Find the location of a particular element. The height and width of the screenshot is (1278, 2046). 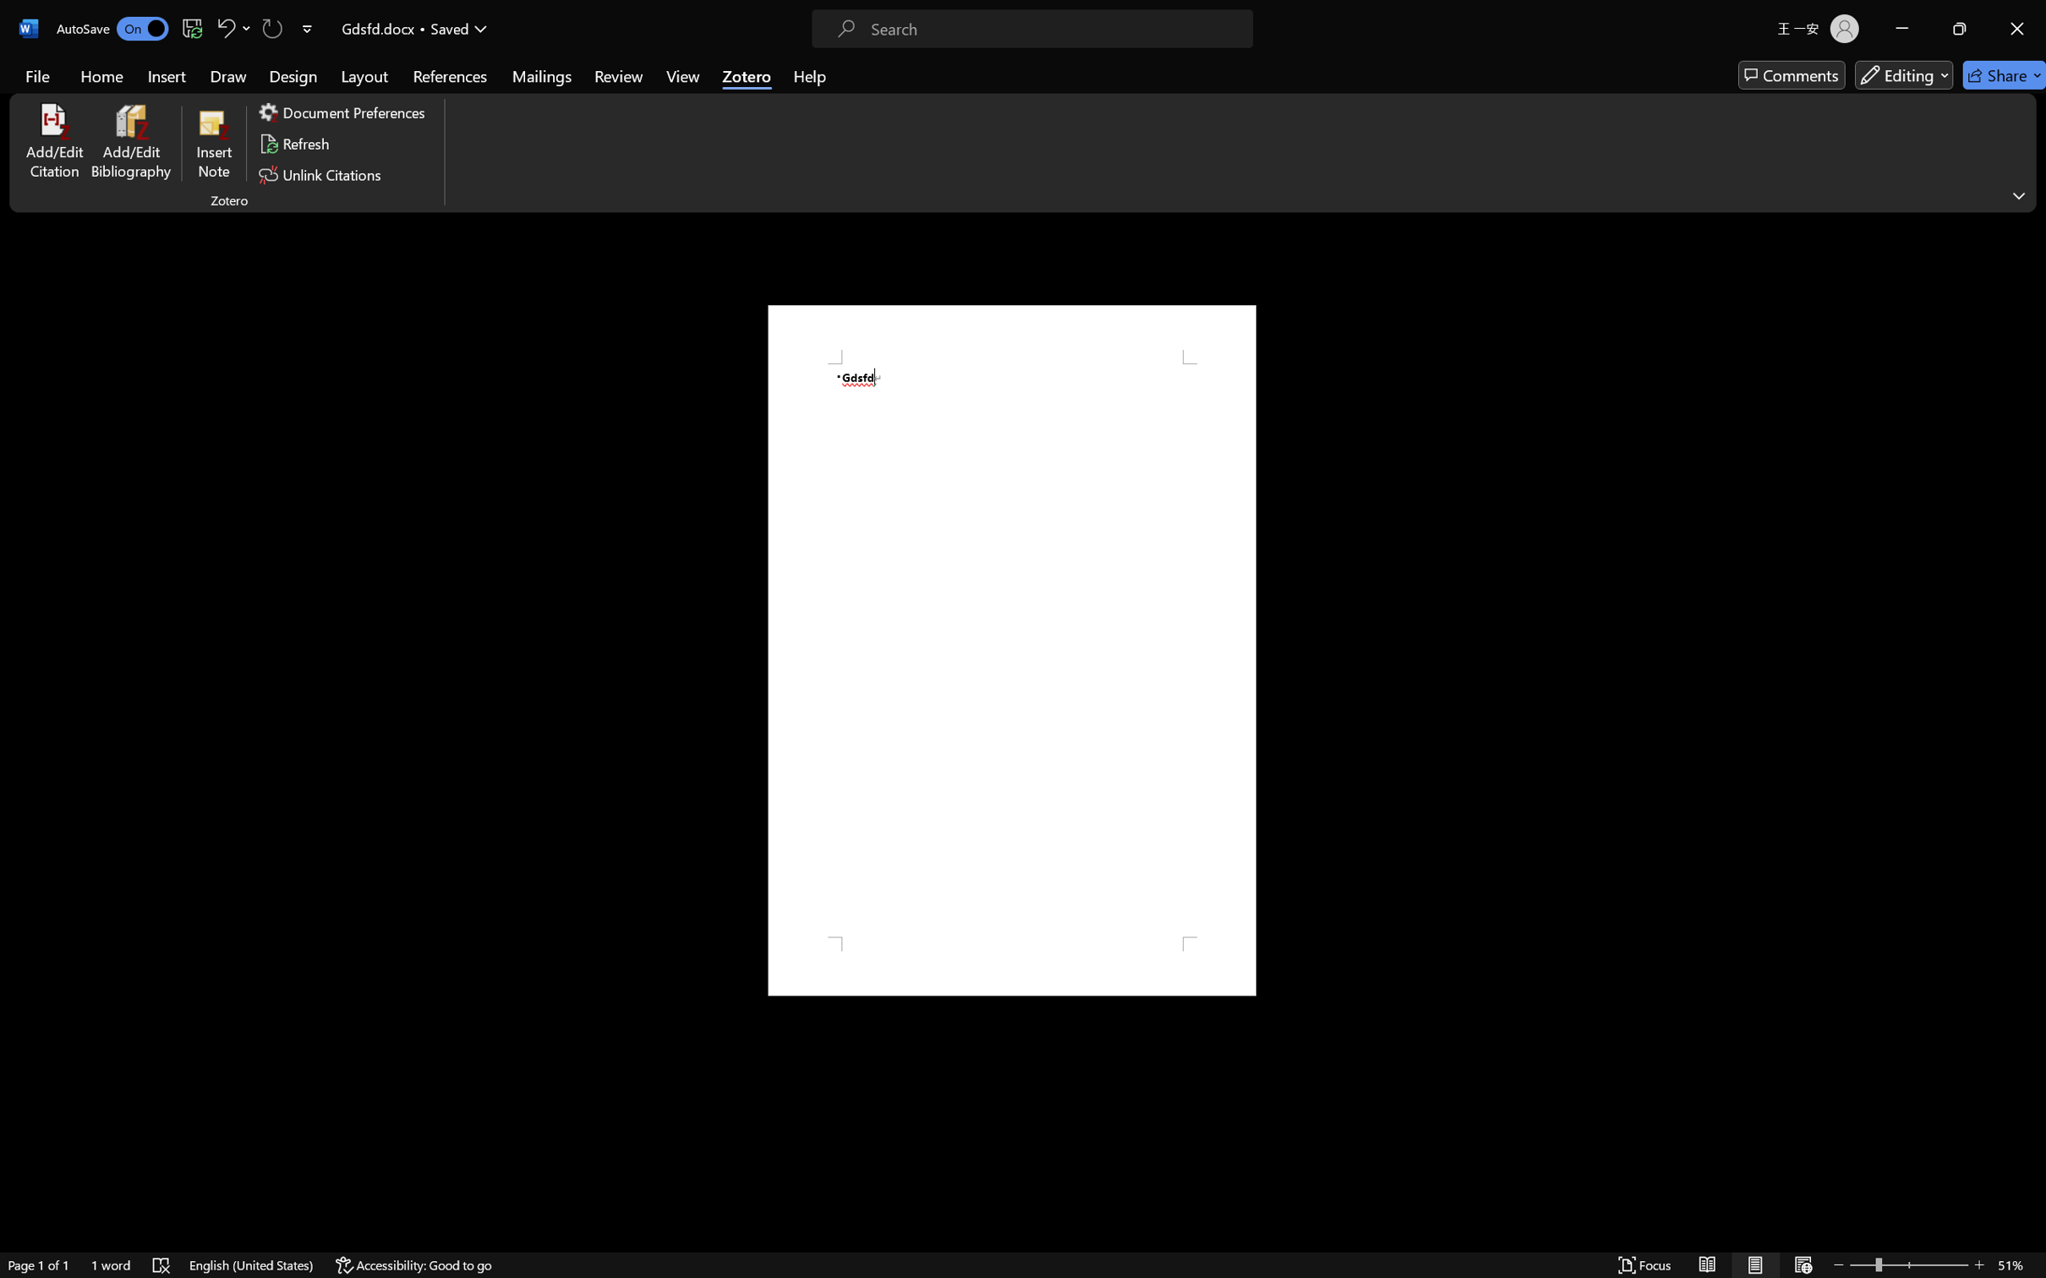

'Page 1 content' is located at coordinates (1011, 650).